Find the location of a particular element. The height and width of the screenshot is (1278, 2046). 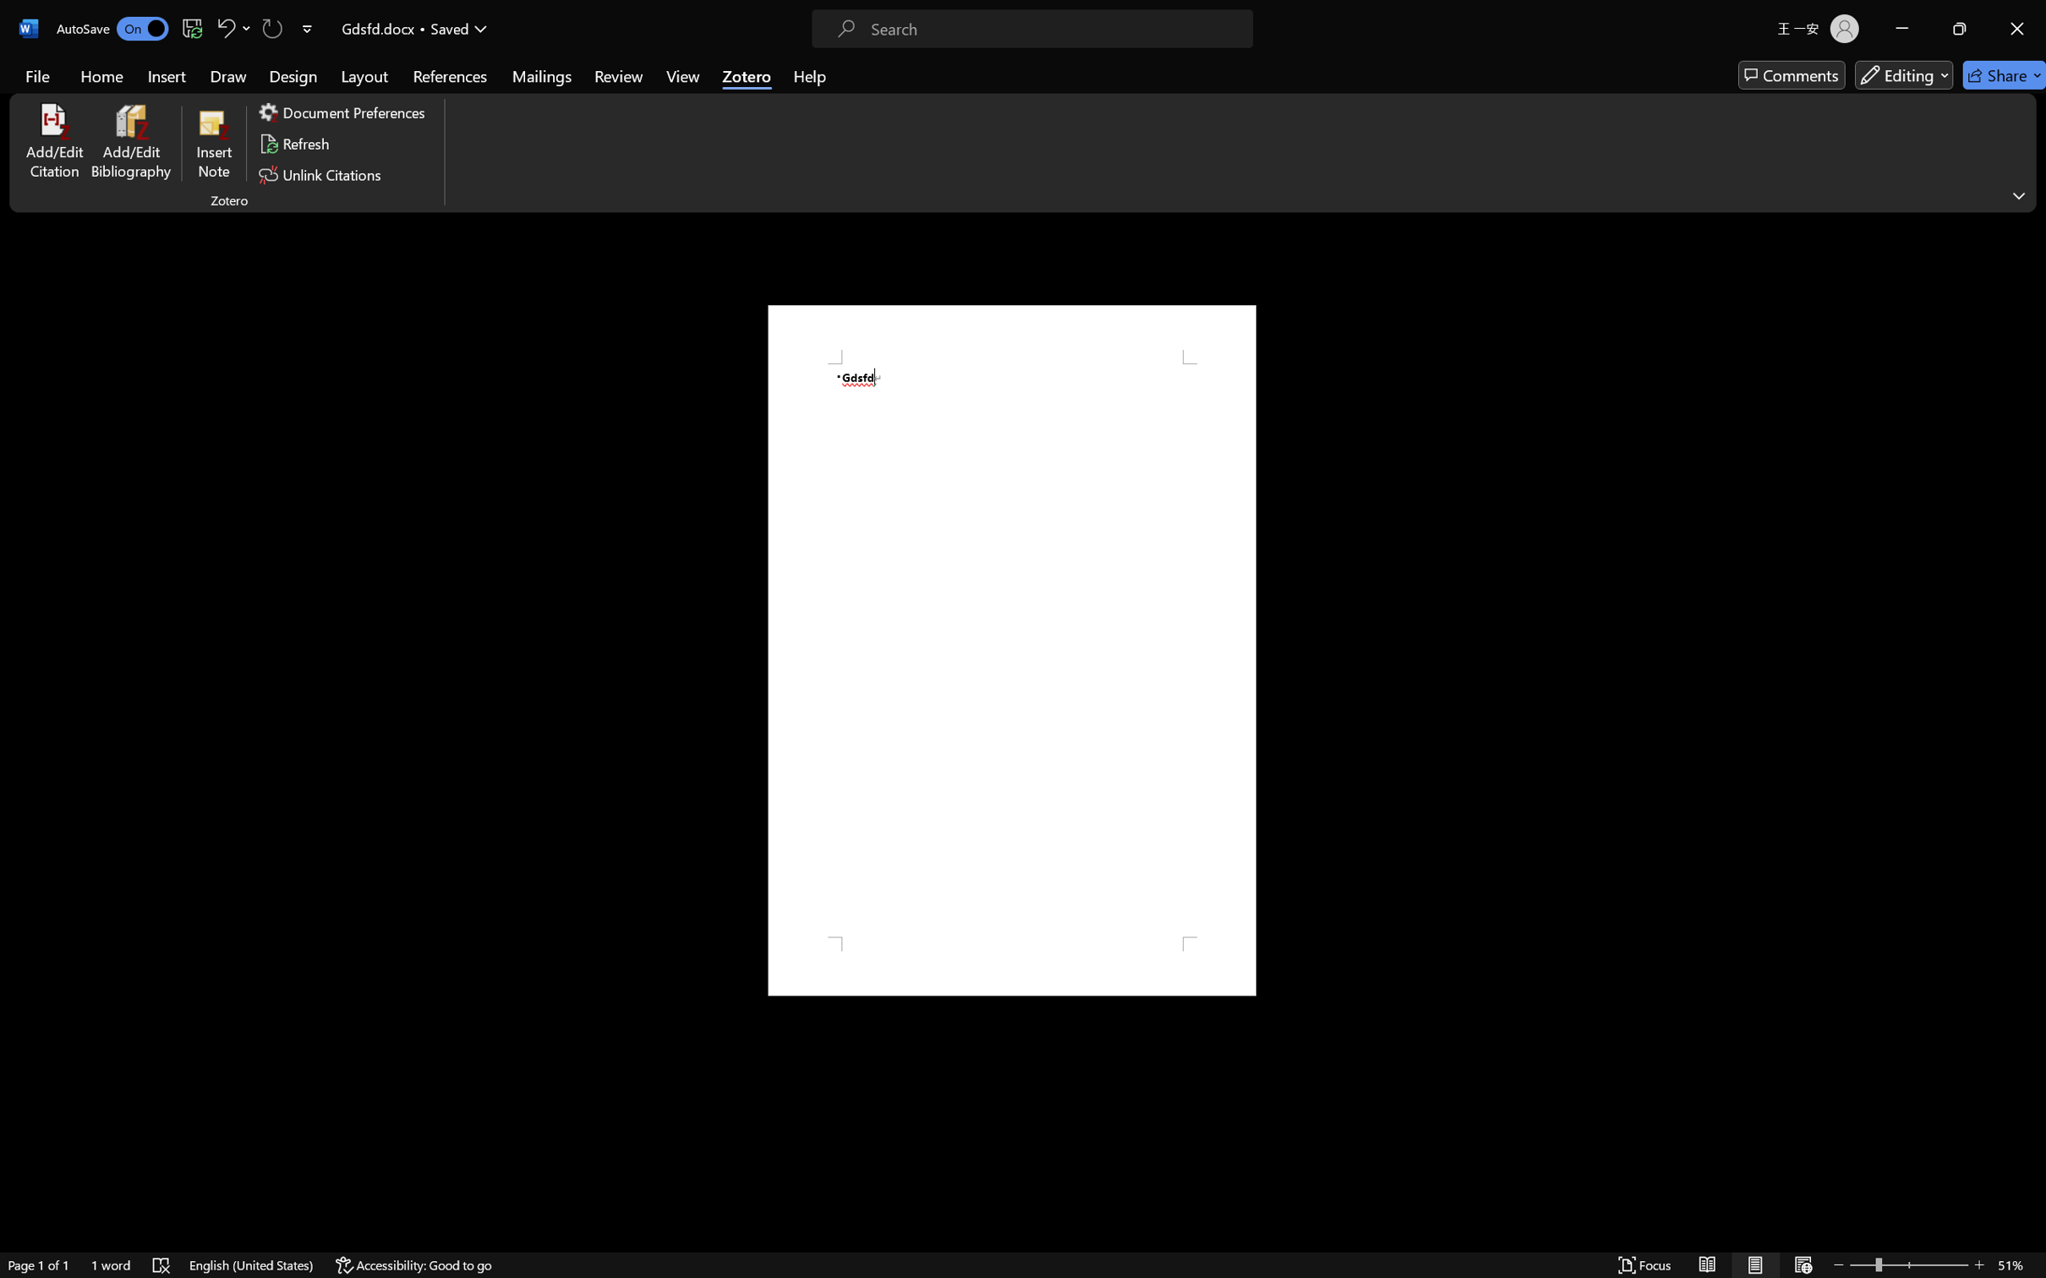

'Page 1 content' is located at coordinates (1011, 650).